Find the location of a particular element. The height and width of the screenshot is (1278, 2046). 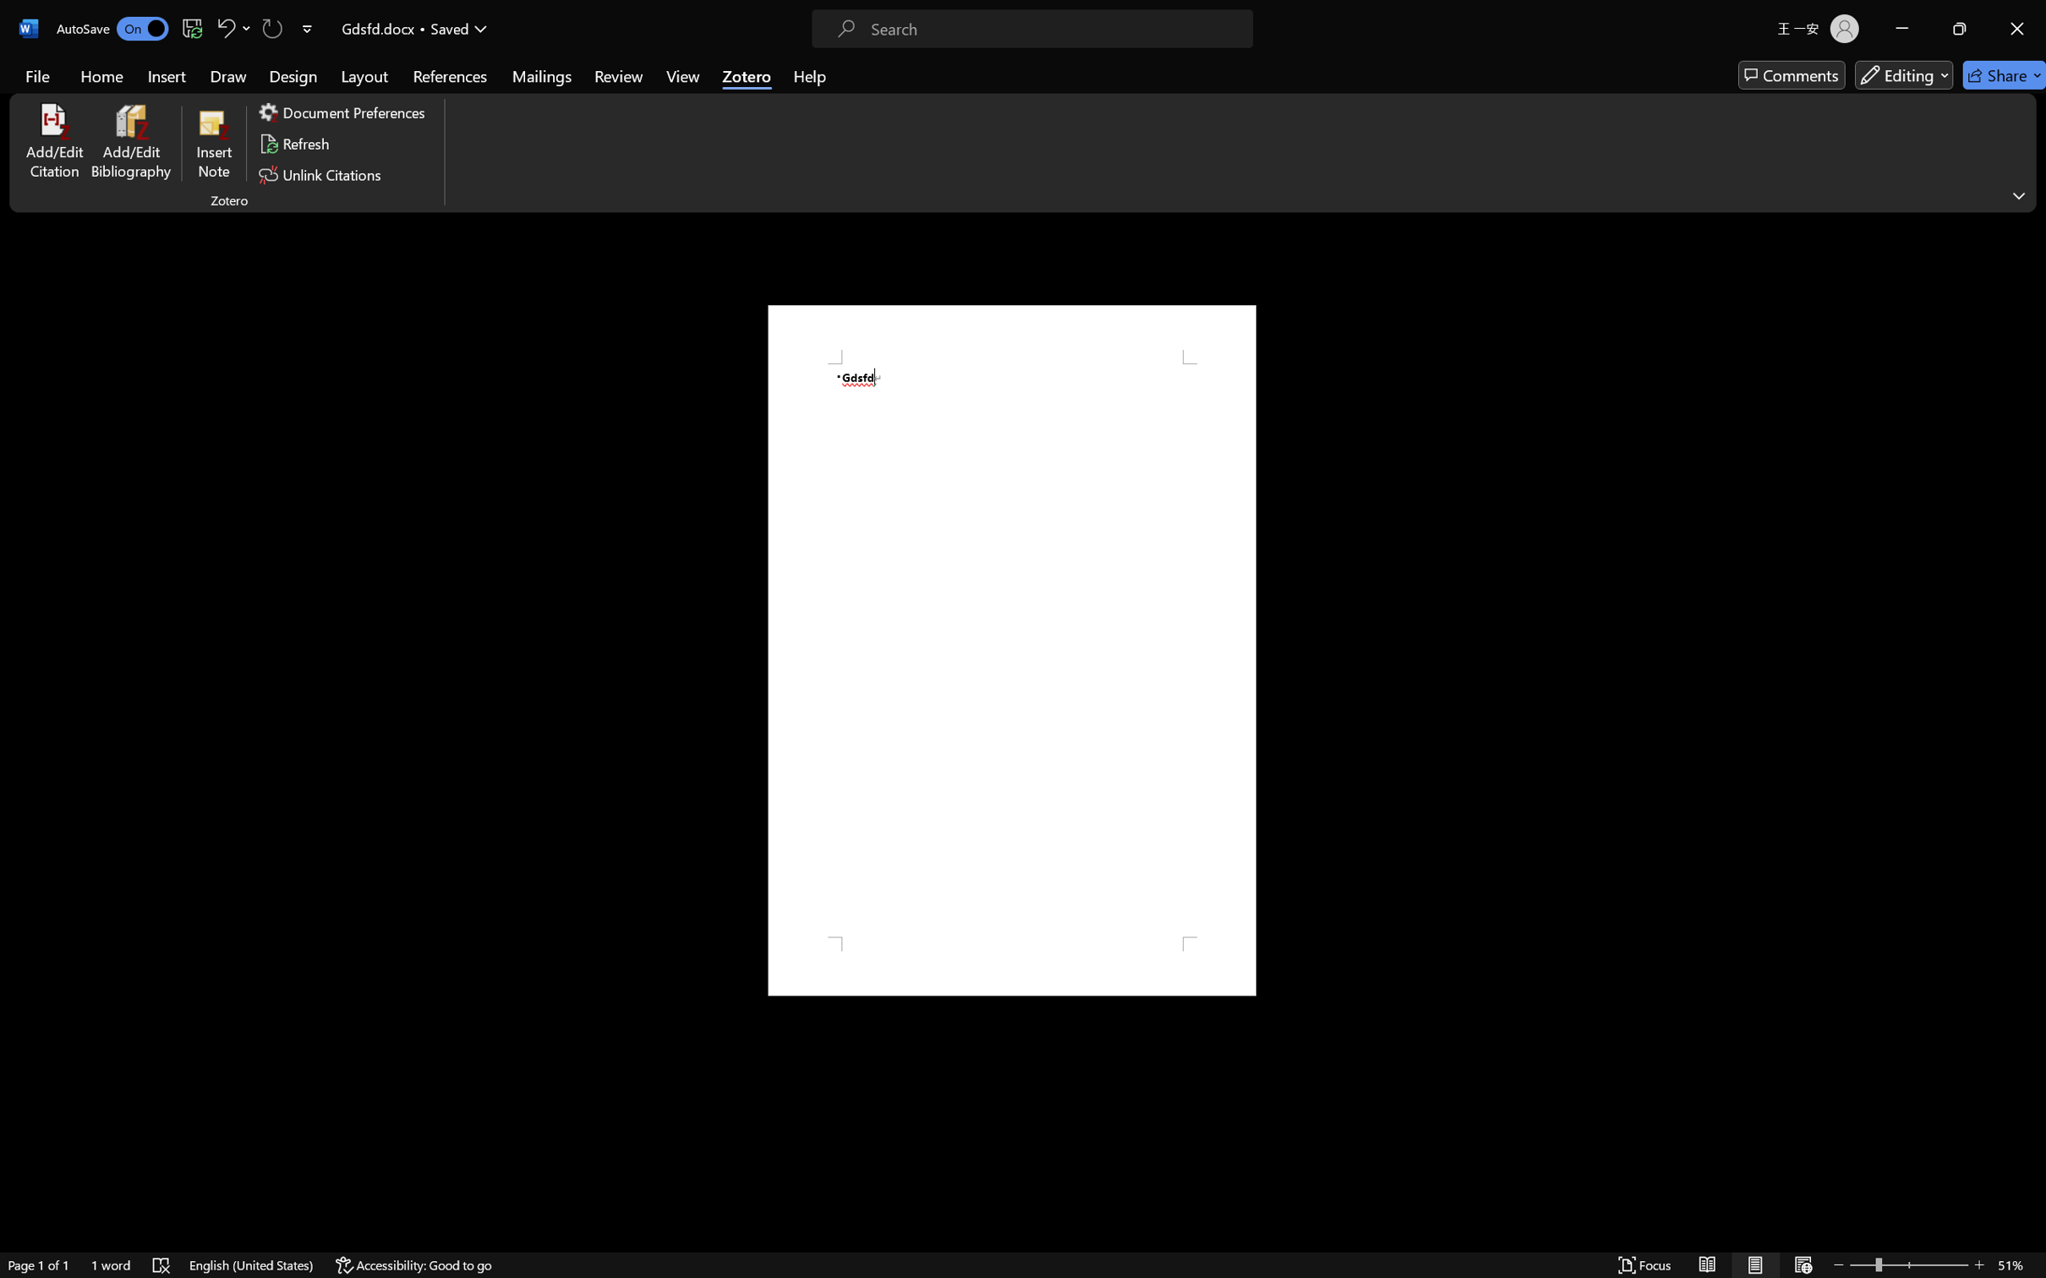

'Page 1 content' is located at coordinates (1011, 650).